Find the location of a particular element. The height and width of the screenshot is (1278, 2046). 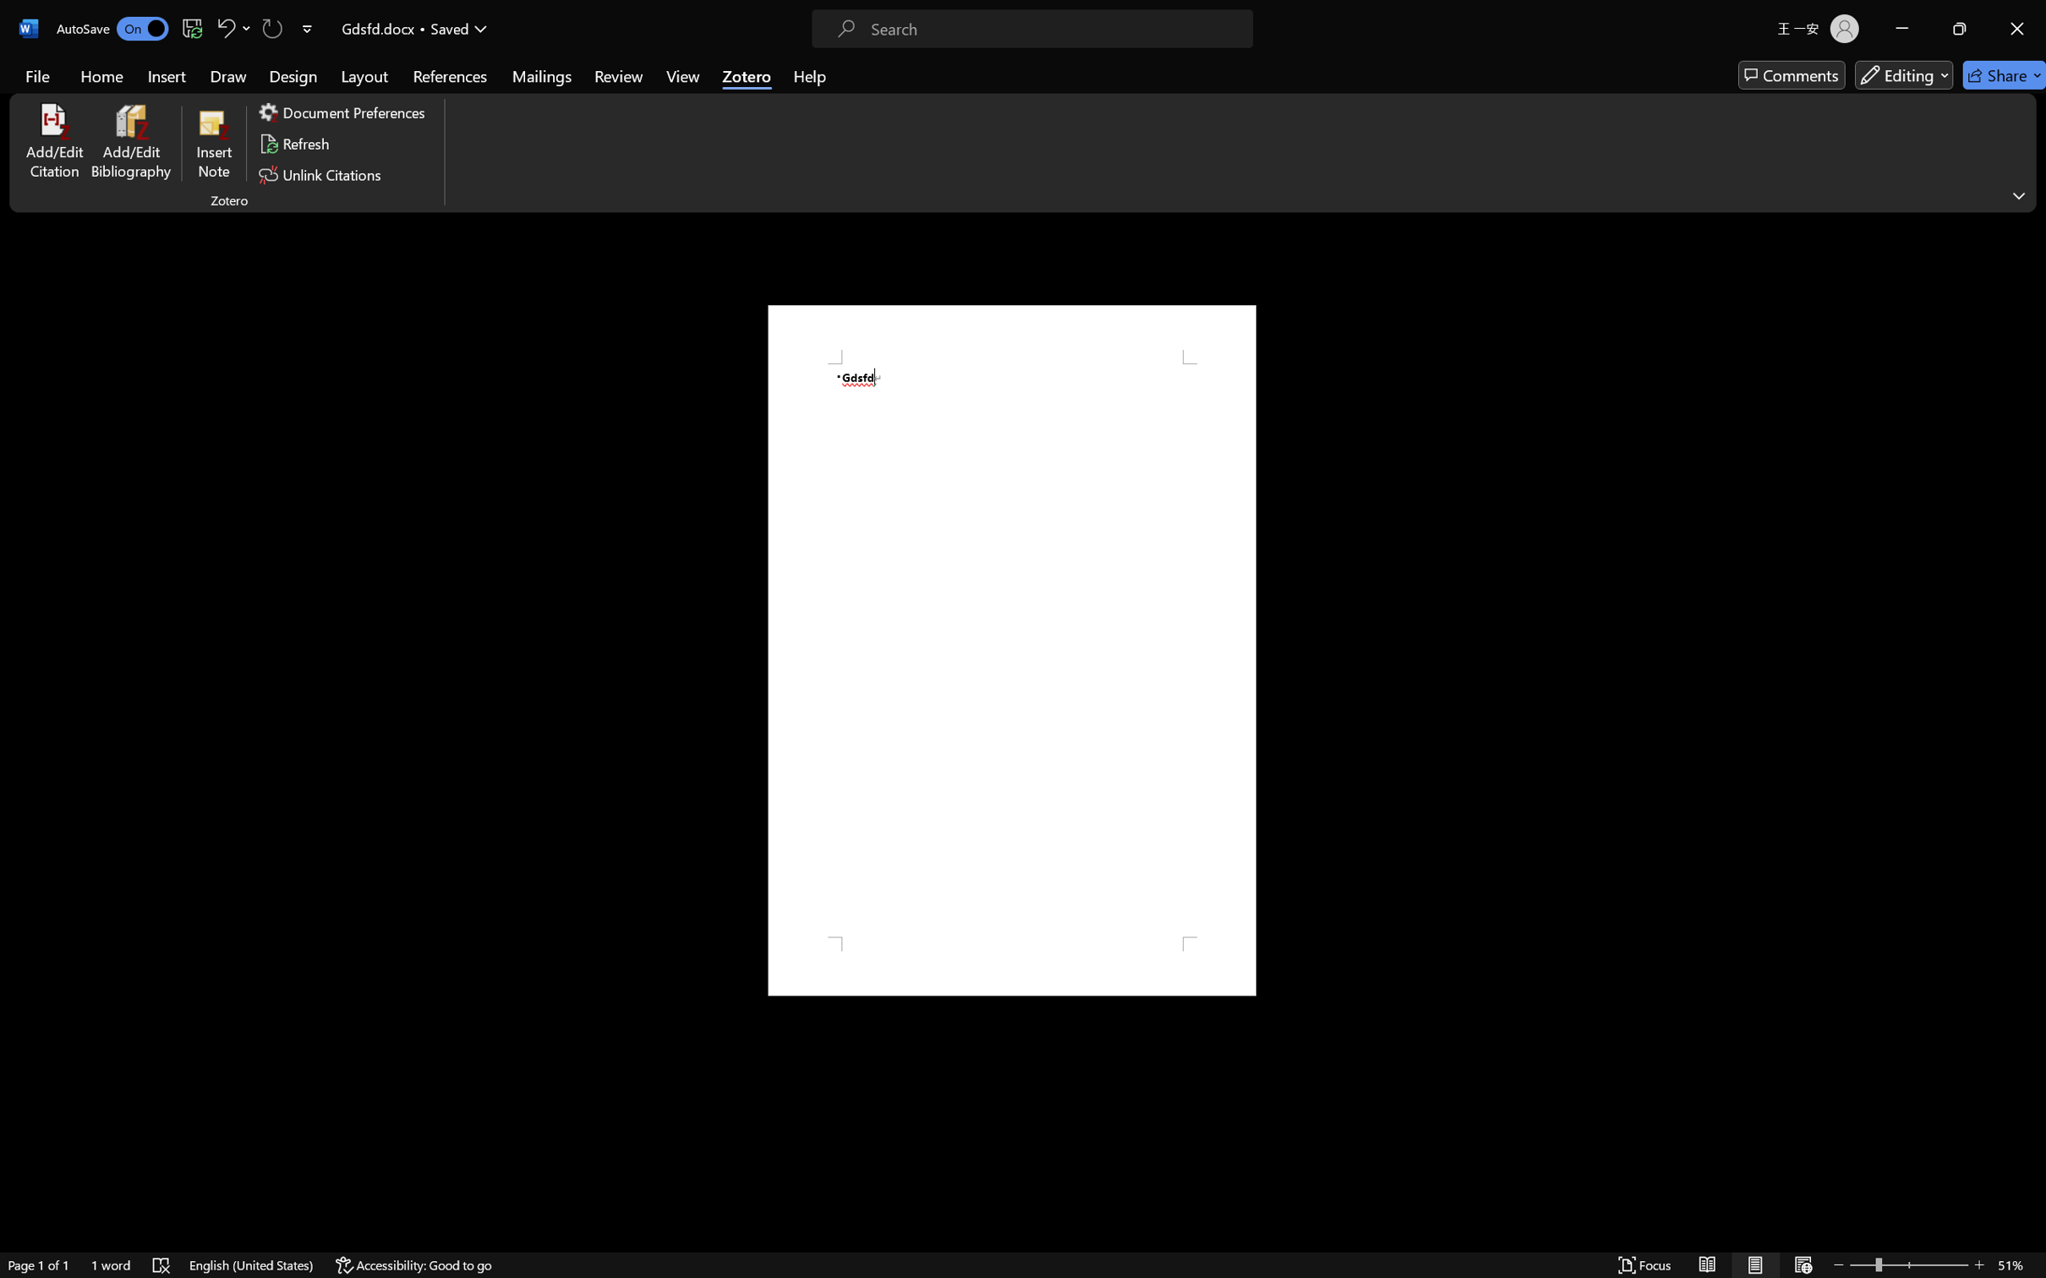

'Page 1 content' is located at coordinates (1011, 650).